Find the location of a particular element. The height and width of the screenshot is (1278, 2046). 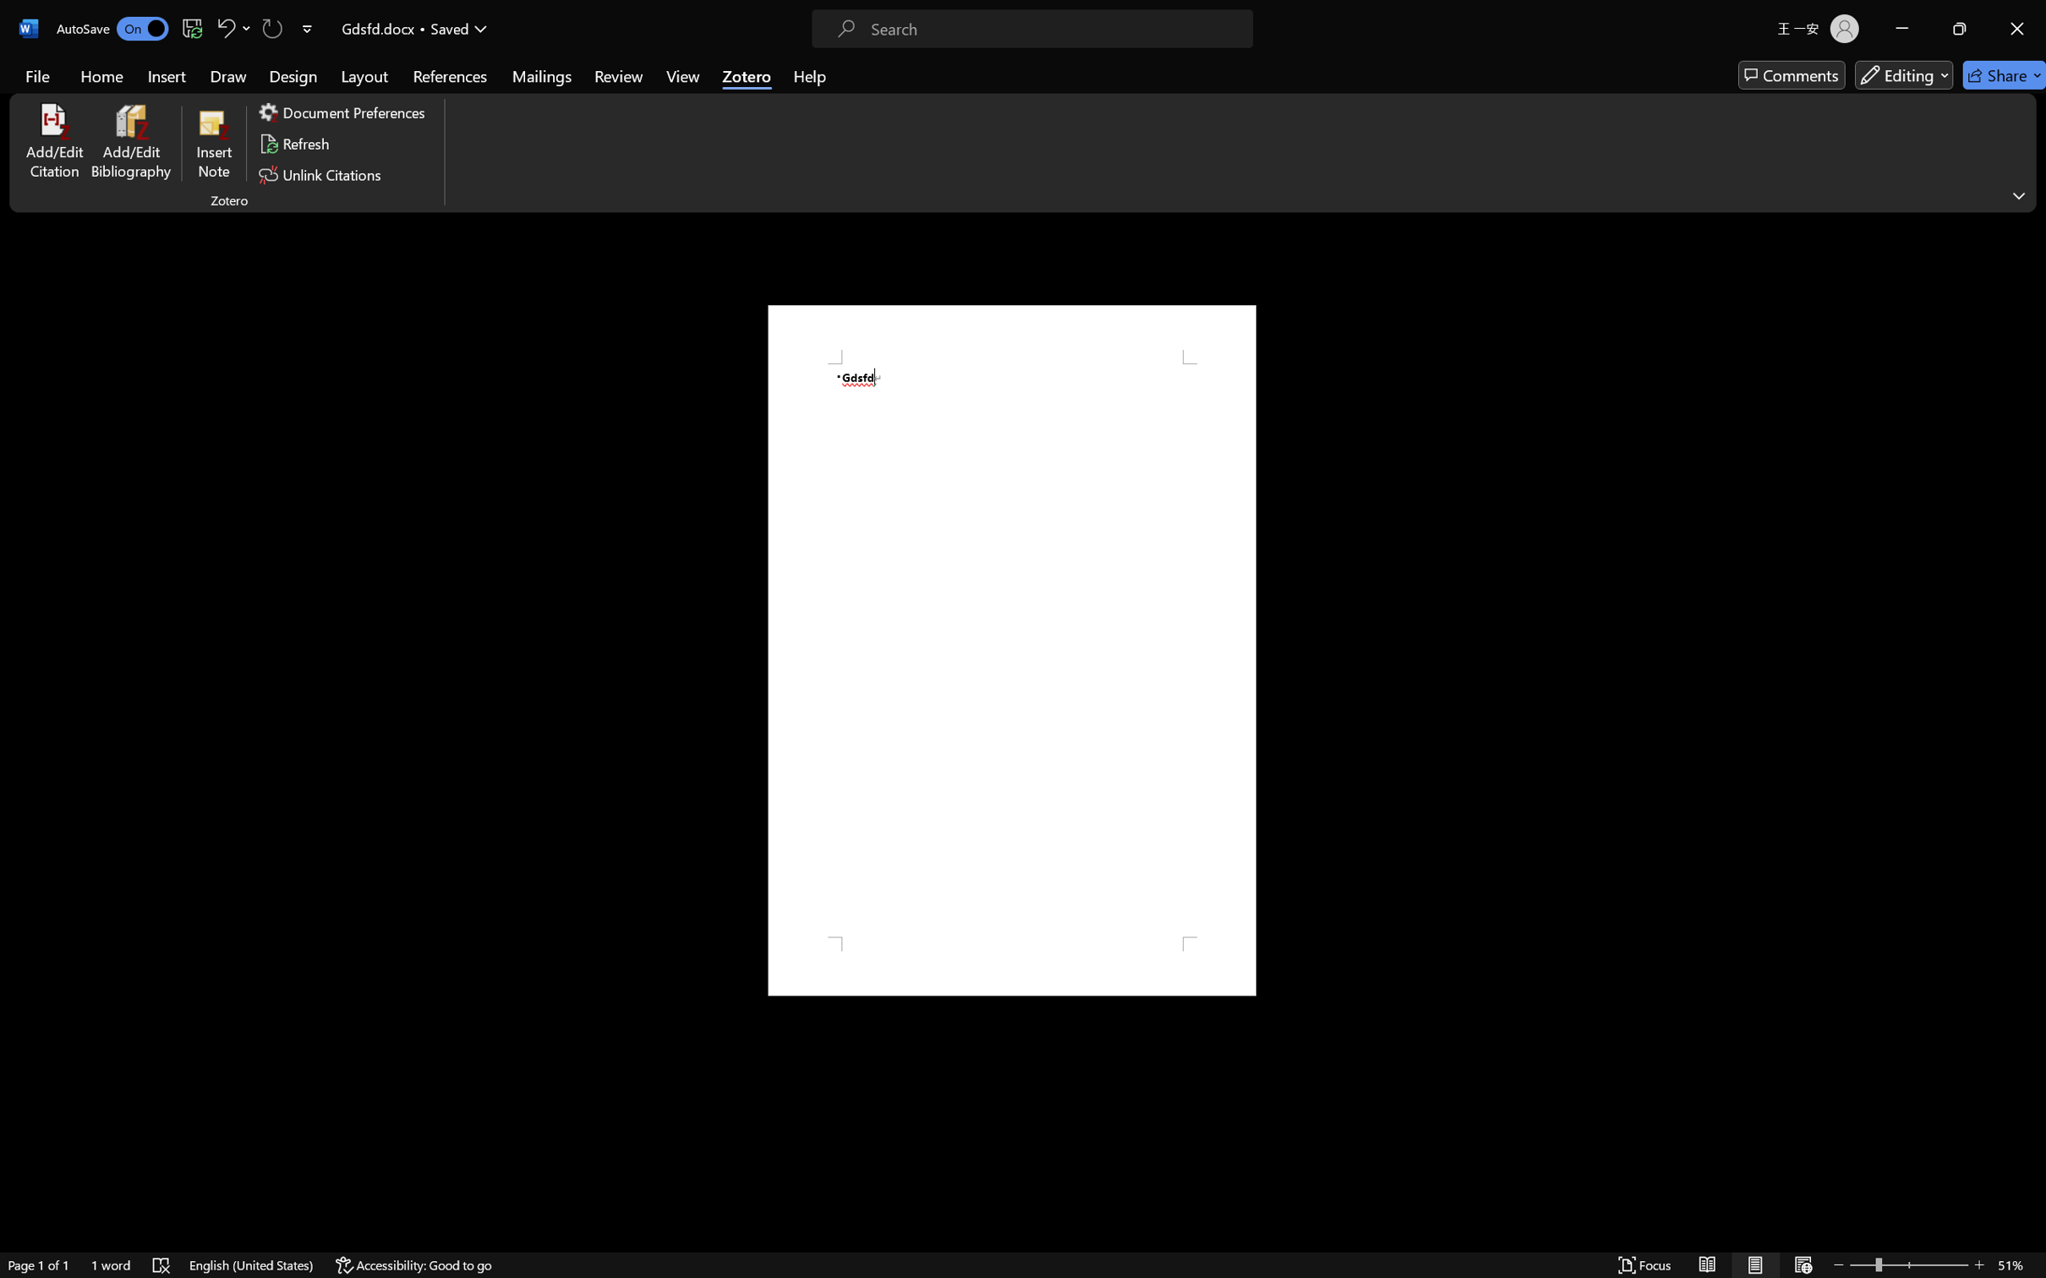

'Page 1 content' is located at coordinates (1011, 650).